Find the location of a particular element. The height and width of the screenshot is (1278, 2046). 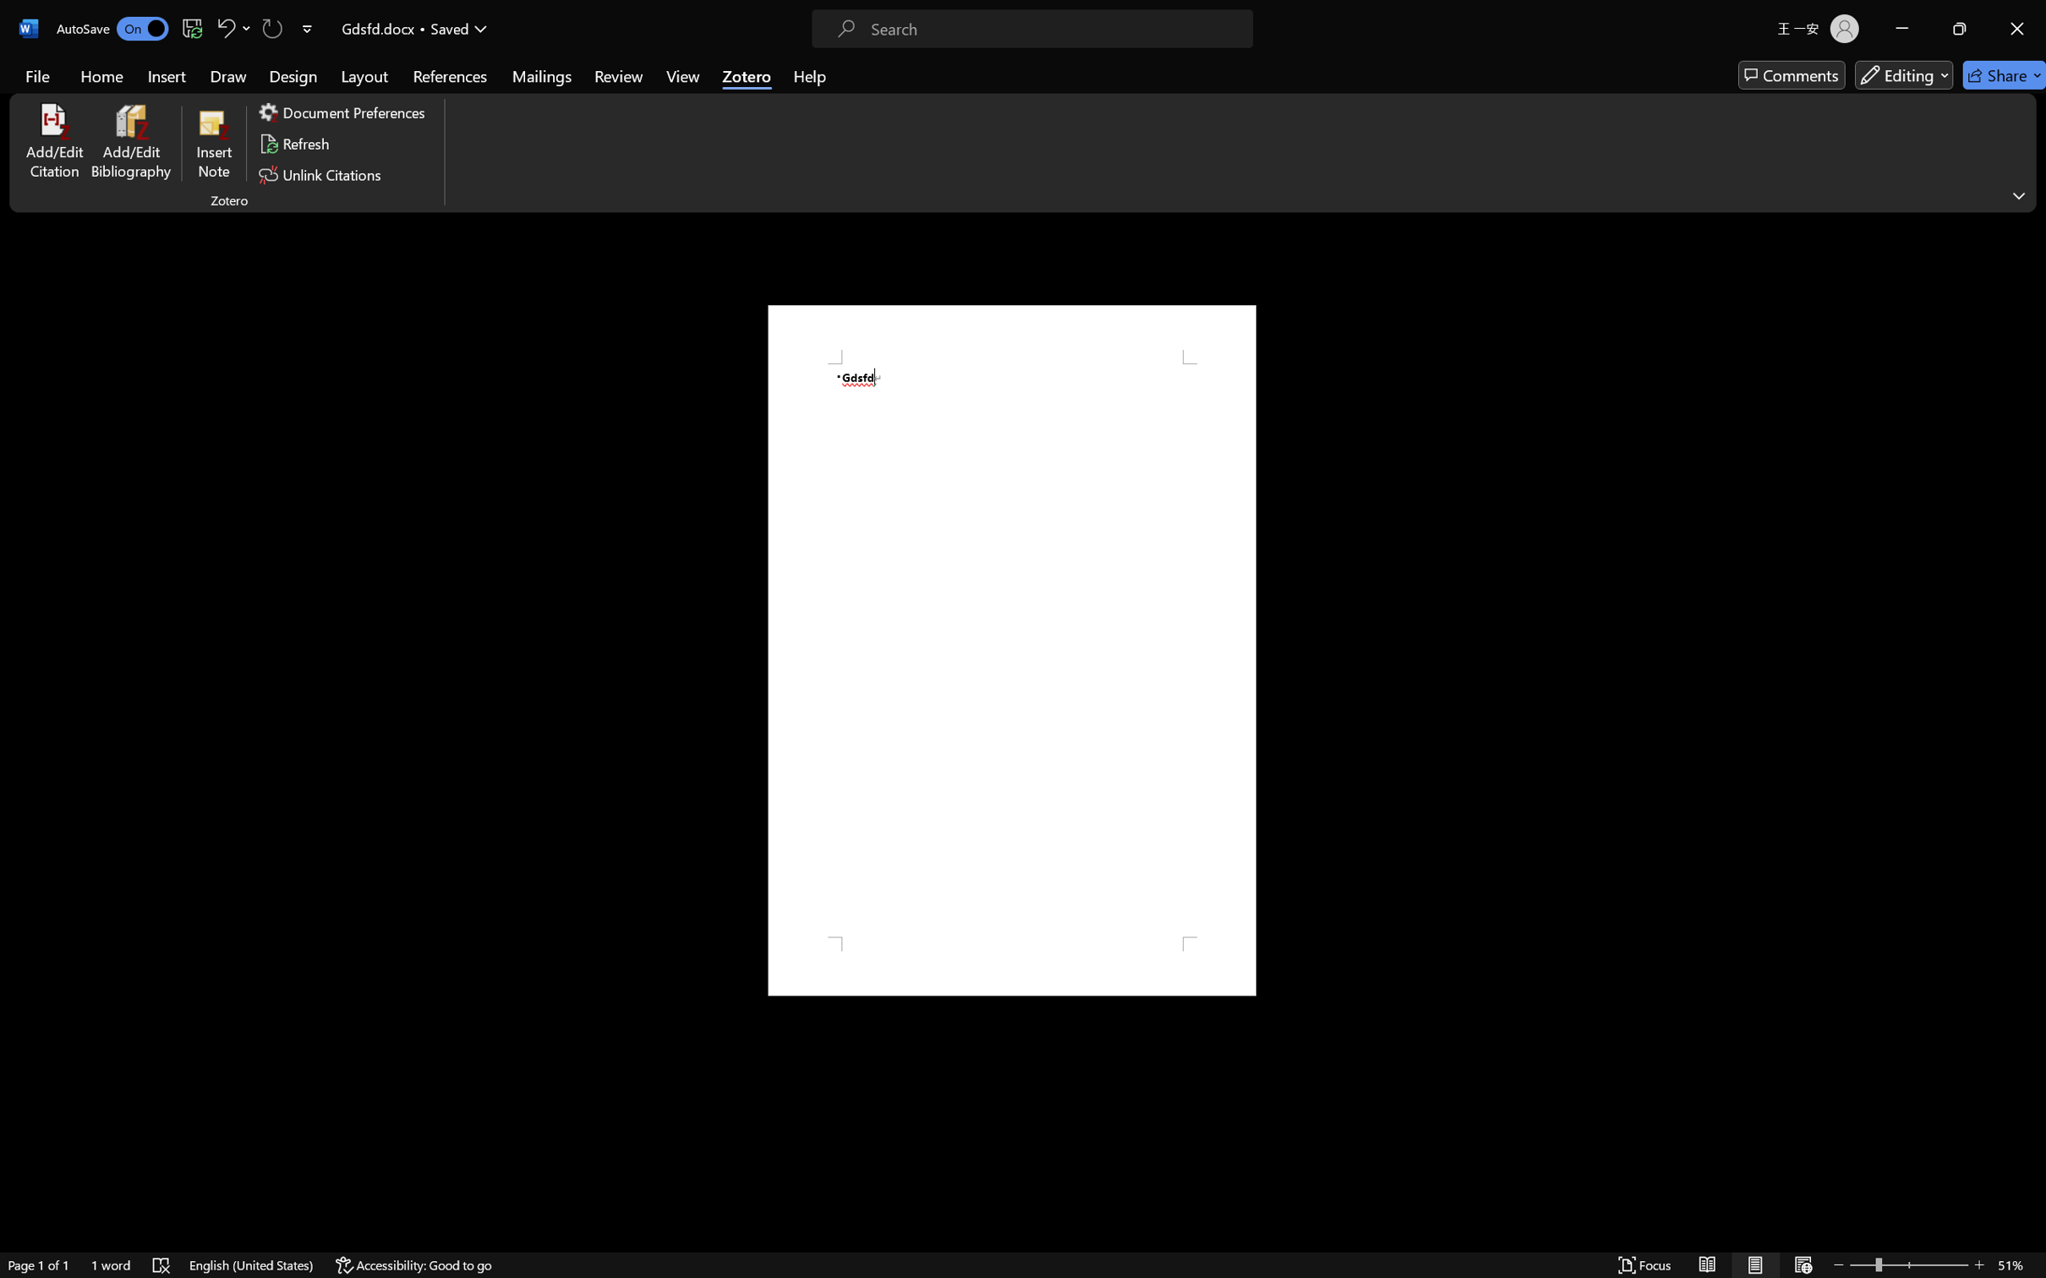

'Page 1 content' is located at coordinates (1011, 650).